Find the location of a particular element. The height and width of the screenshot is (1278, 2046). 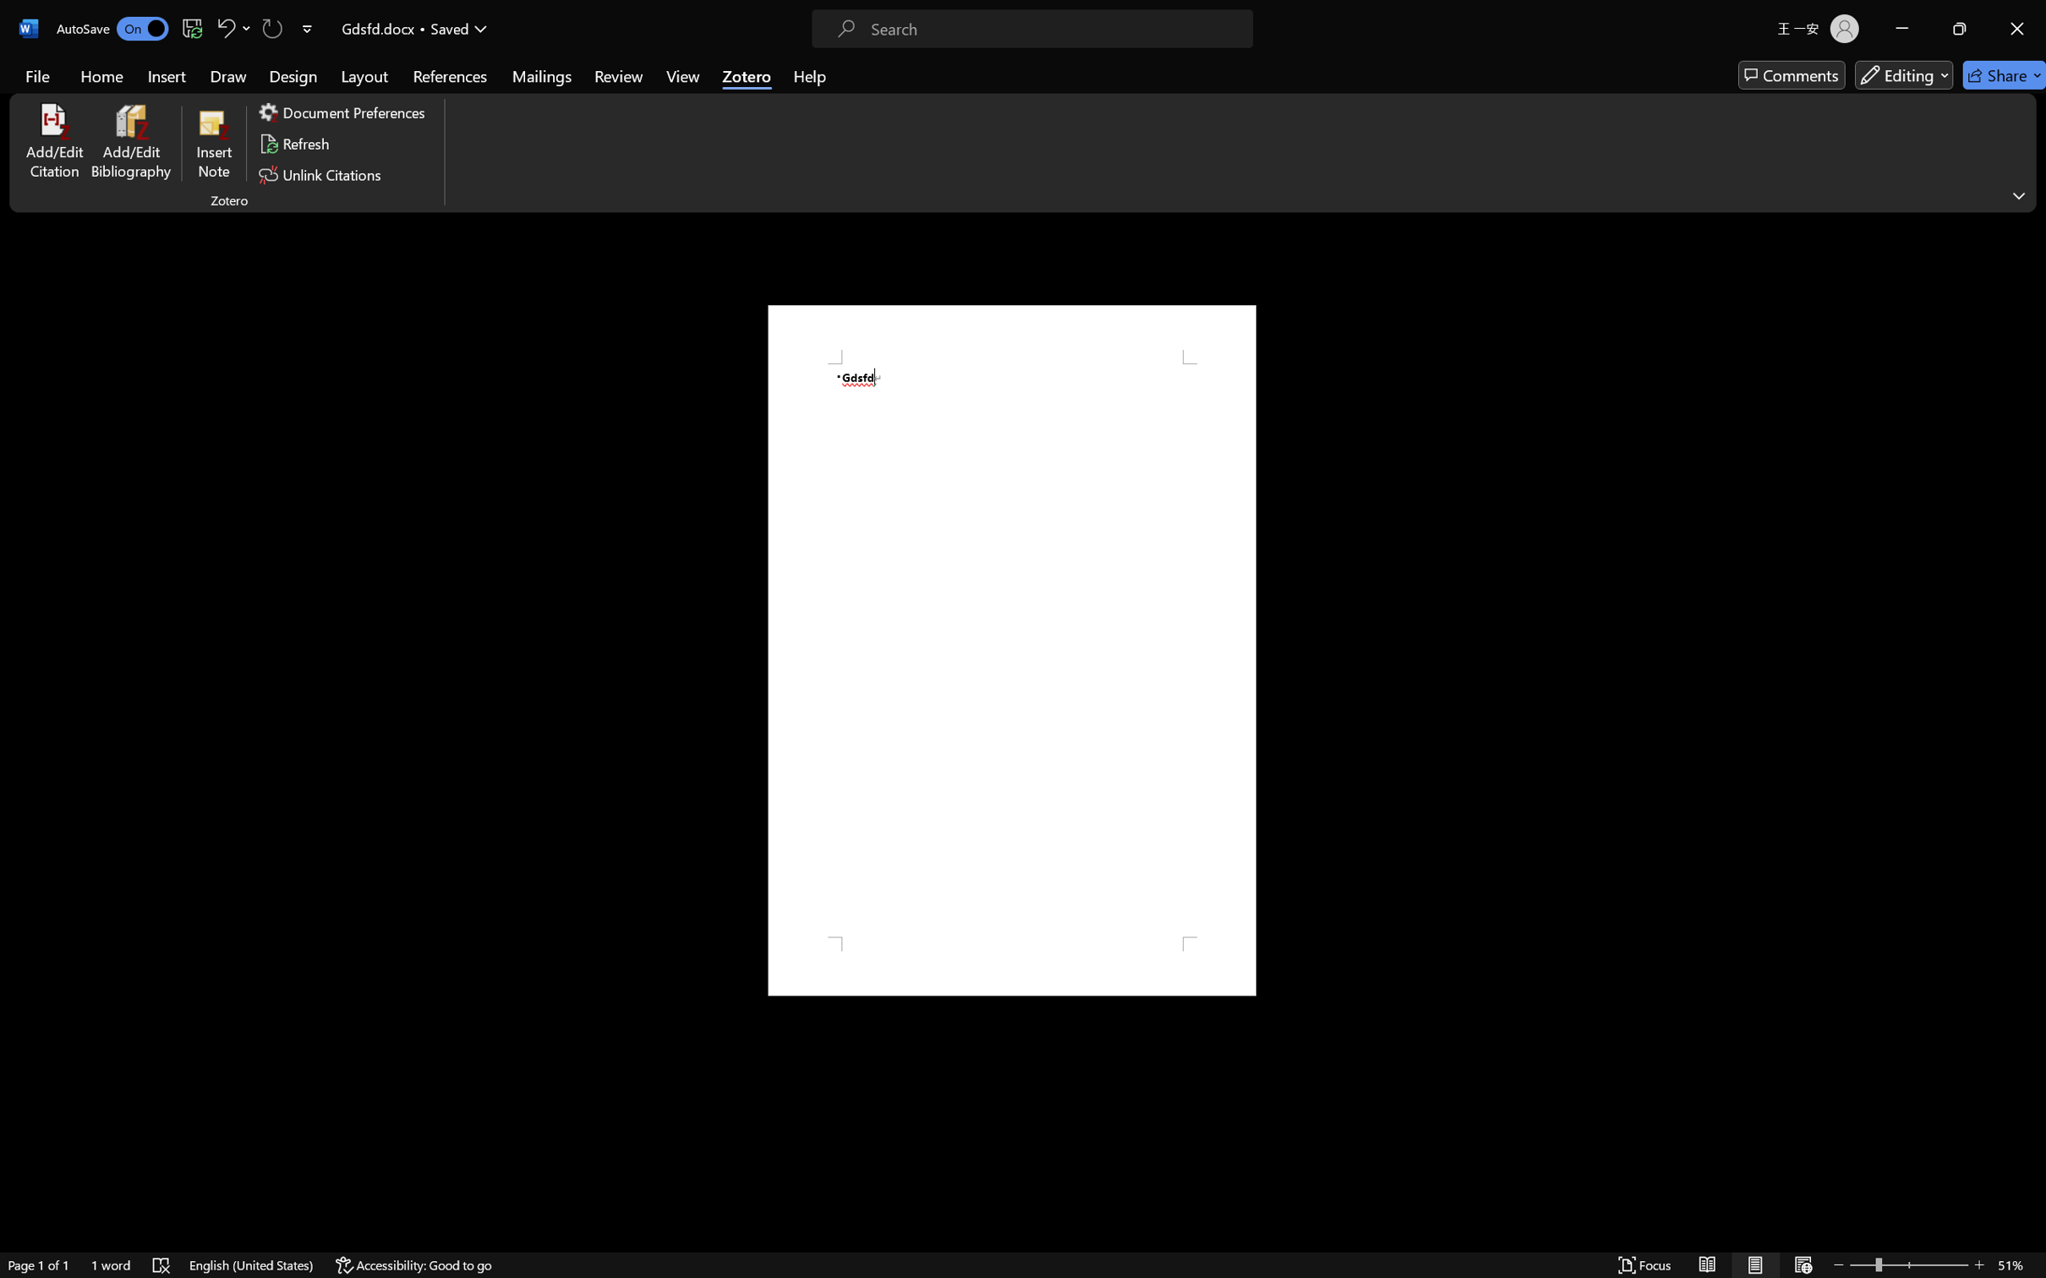

'Page 1 content' is located at coordinates (1011, 650).